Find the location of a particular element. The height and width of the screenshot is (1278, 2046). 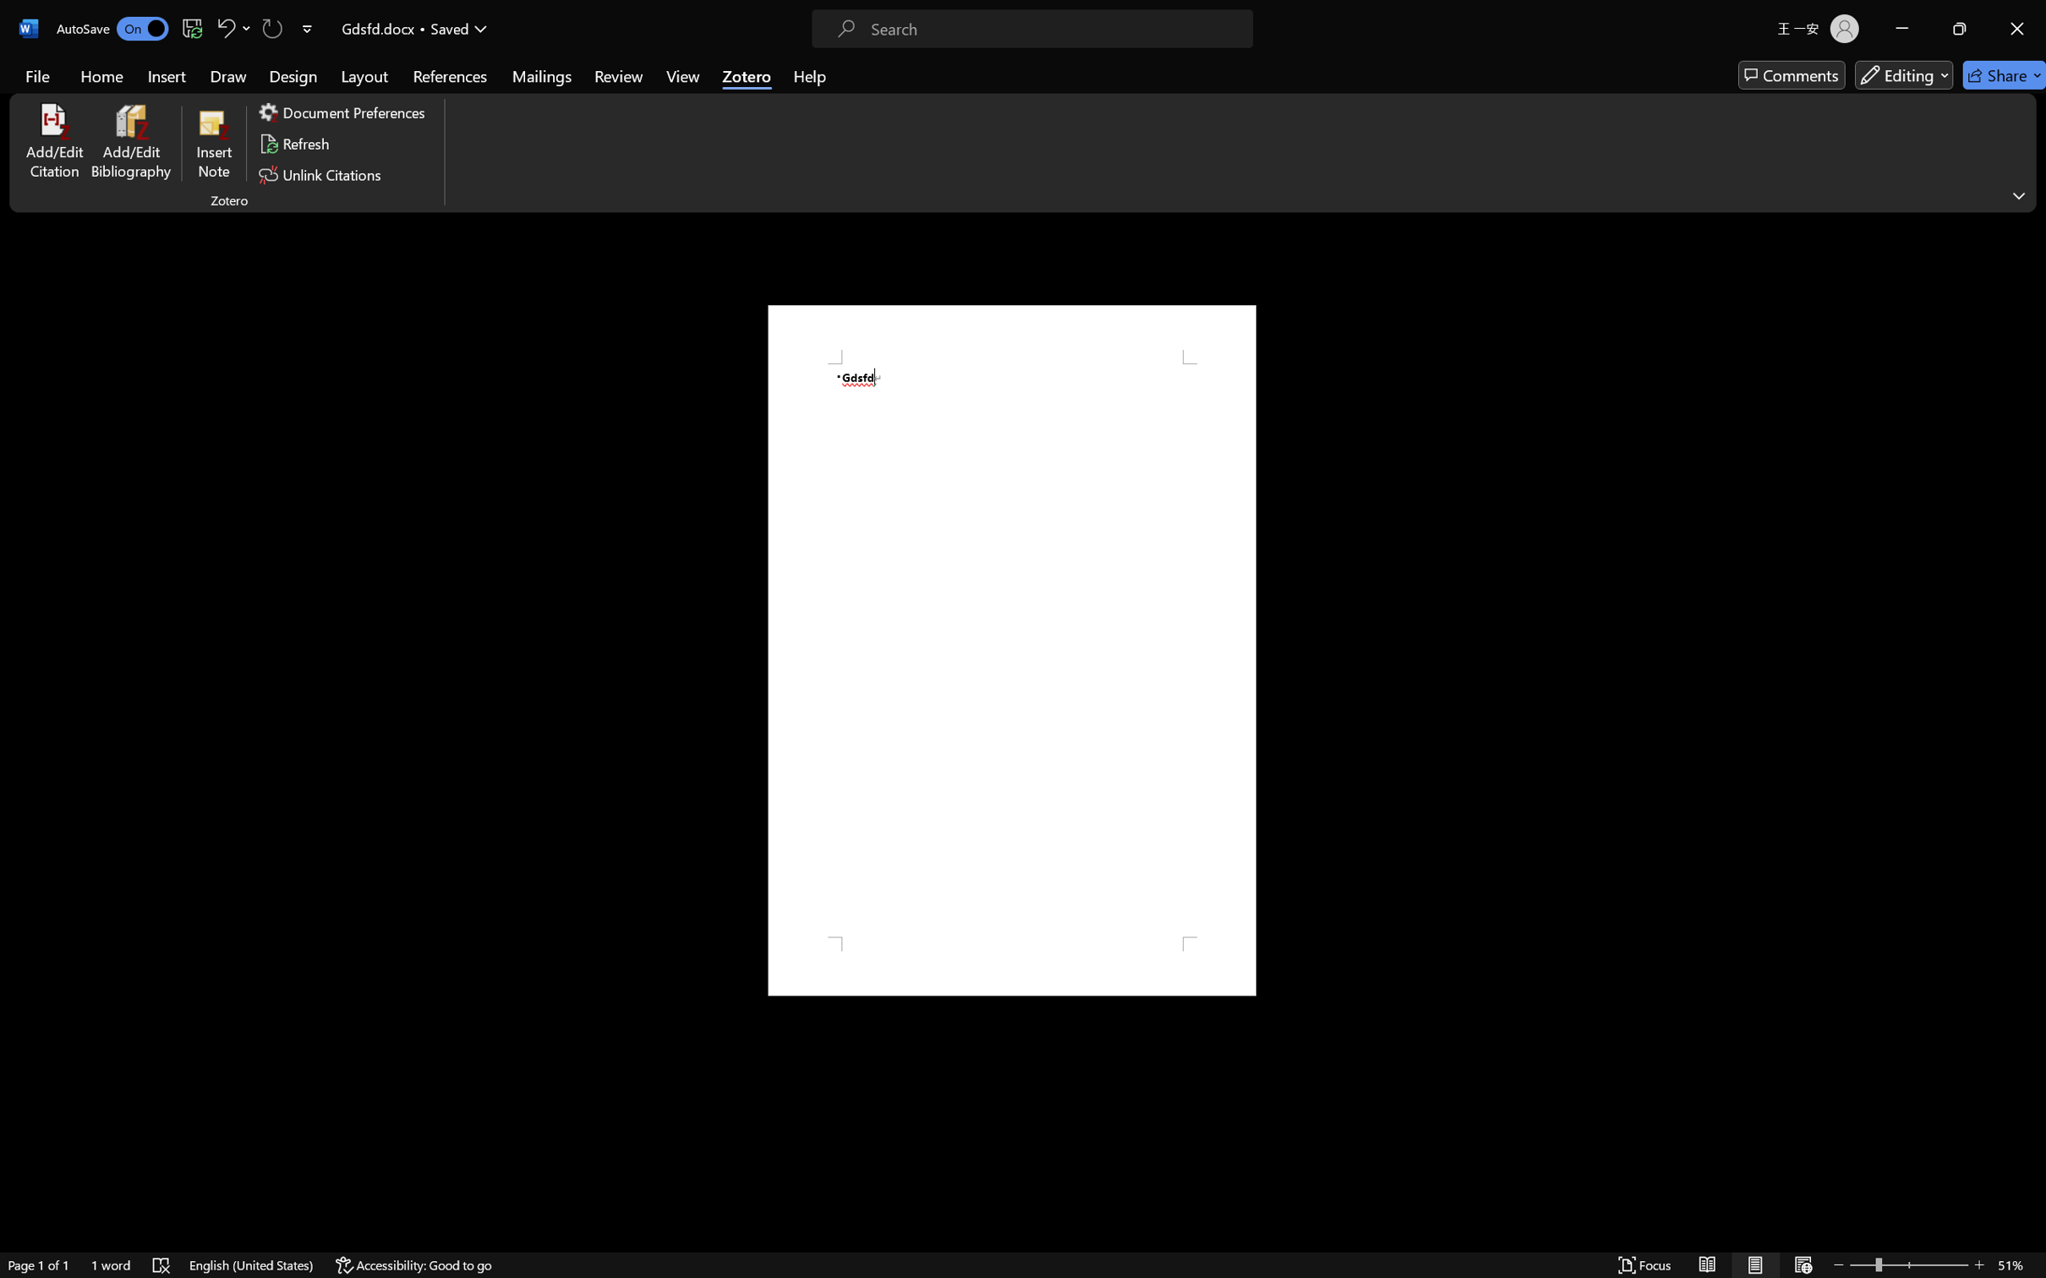

'Page 1 content' is located at coordinates (1011, 650).